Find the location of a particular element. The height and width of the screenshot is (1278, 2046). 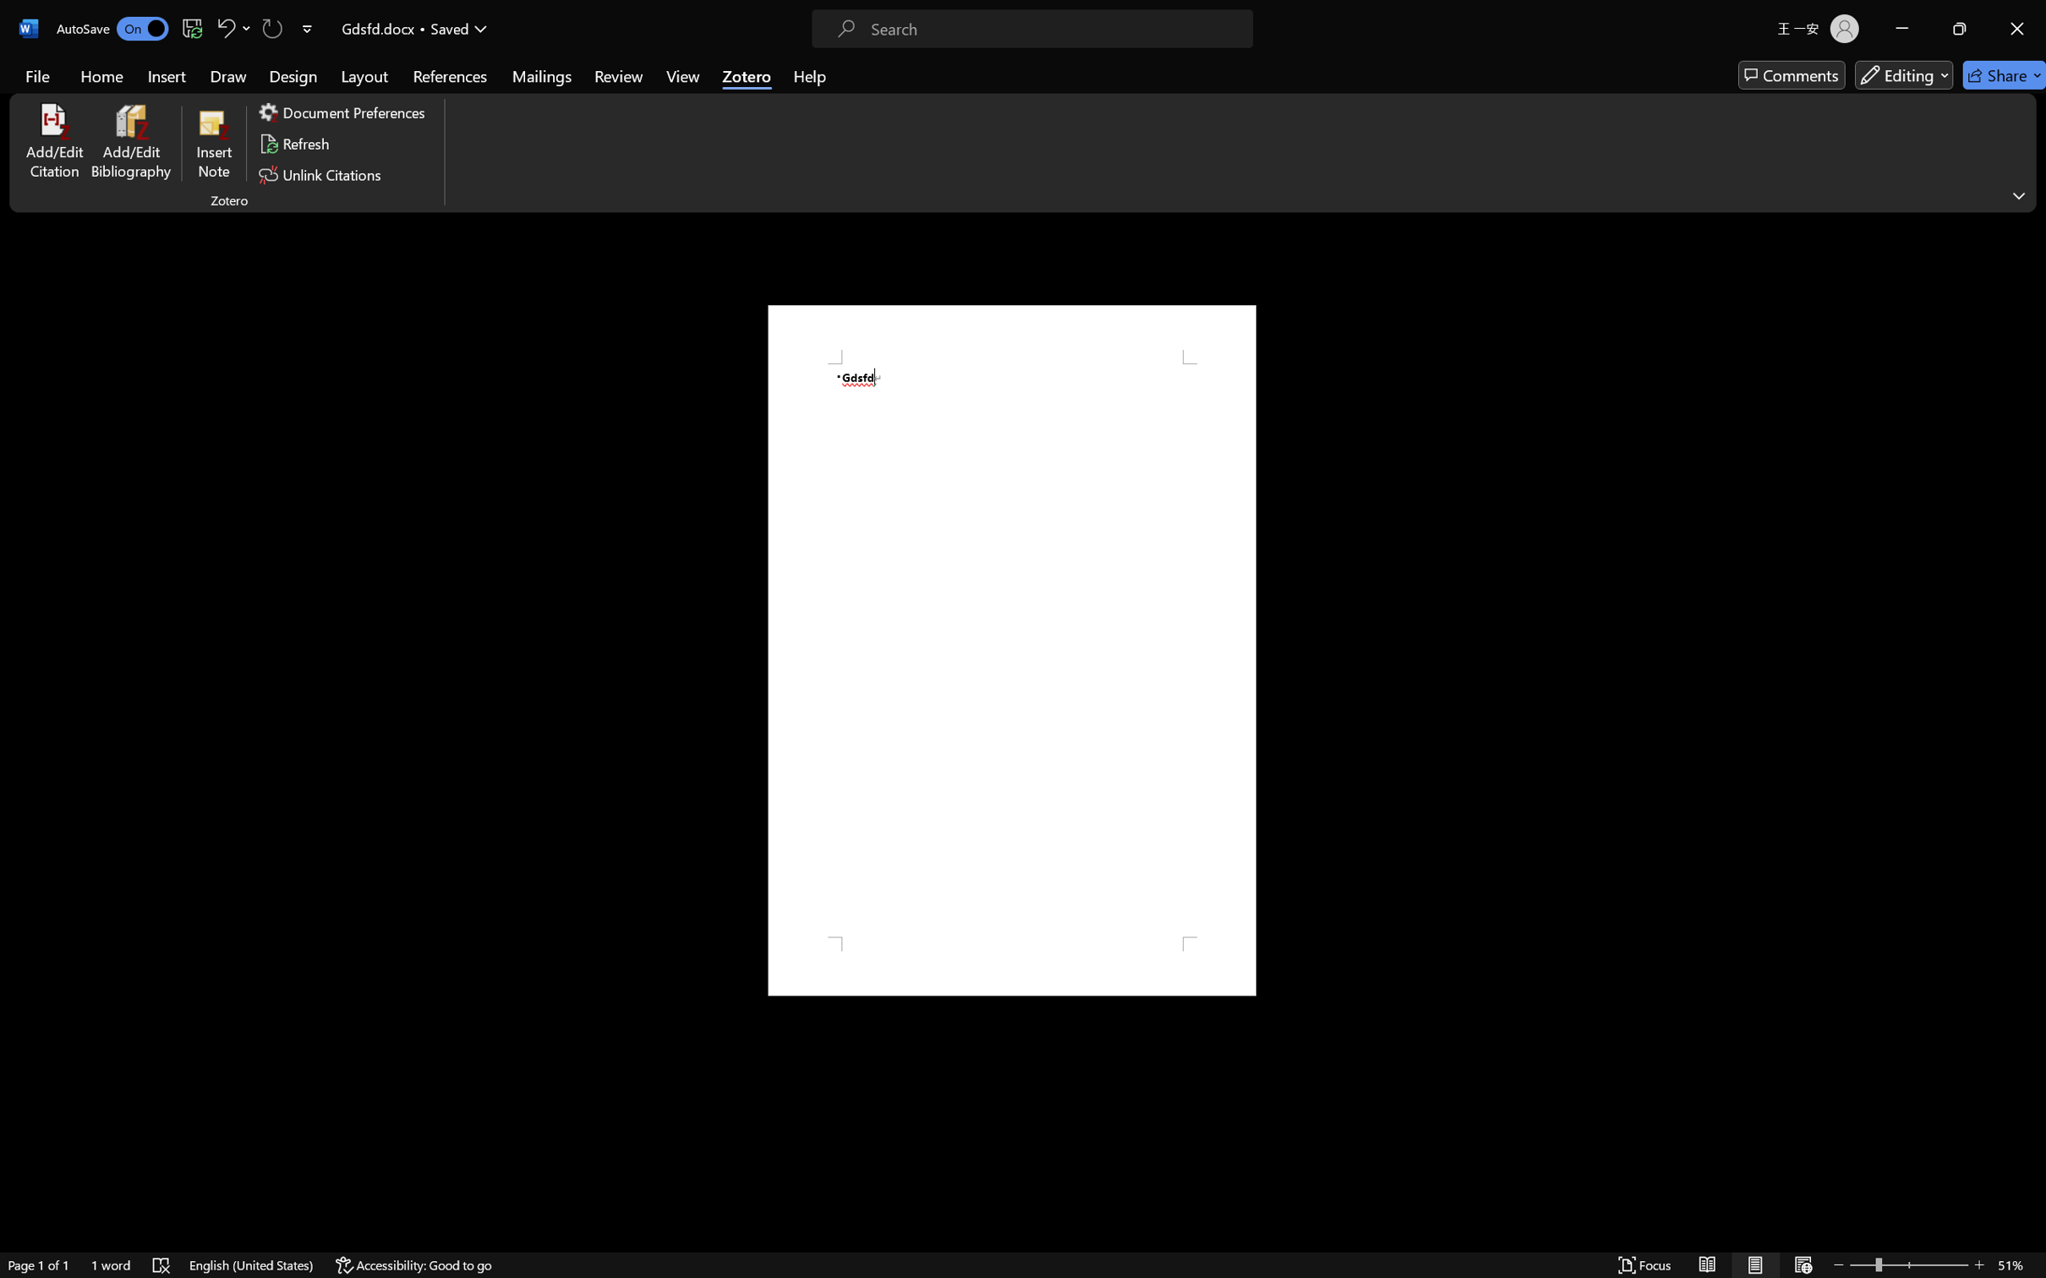

'Page 1 content' is located at coordinates (1011, 650).